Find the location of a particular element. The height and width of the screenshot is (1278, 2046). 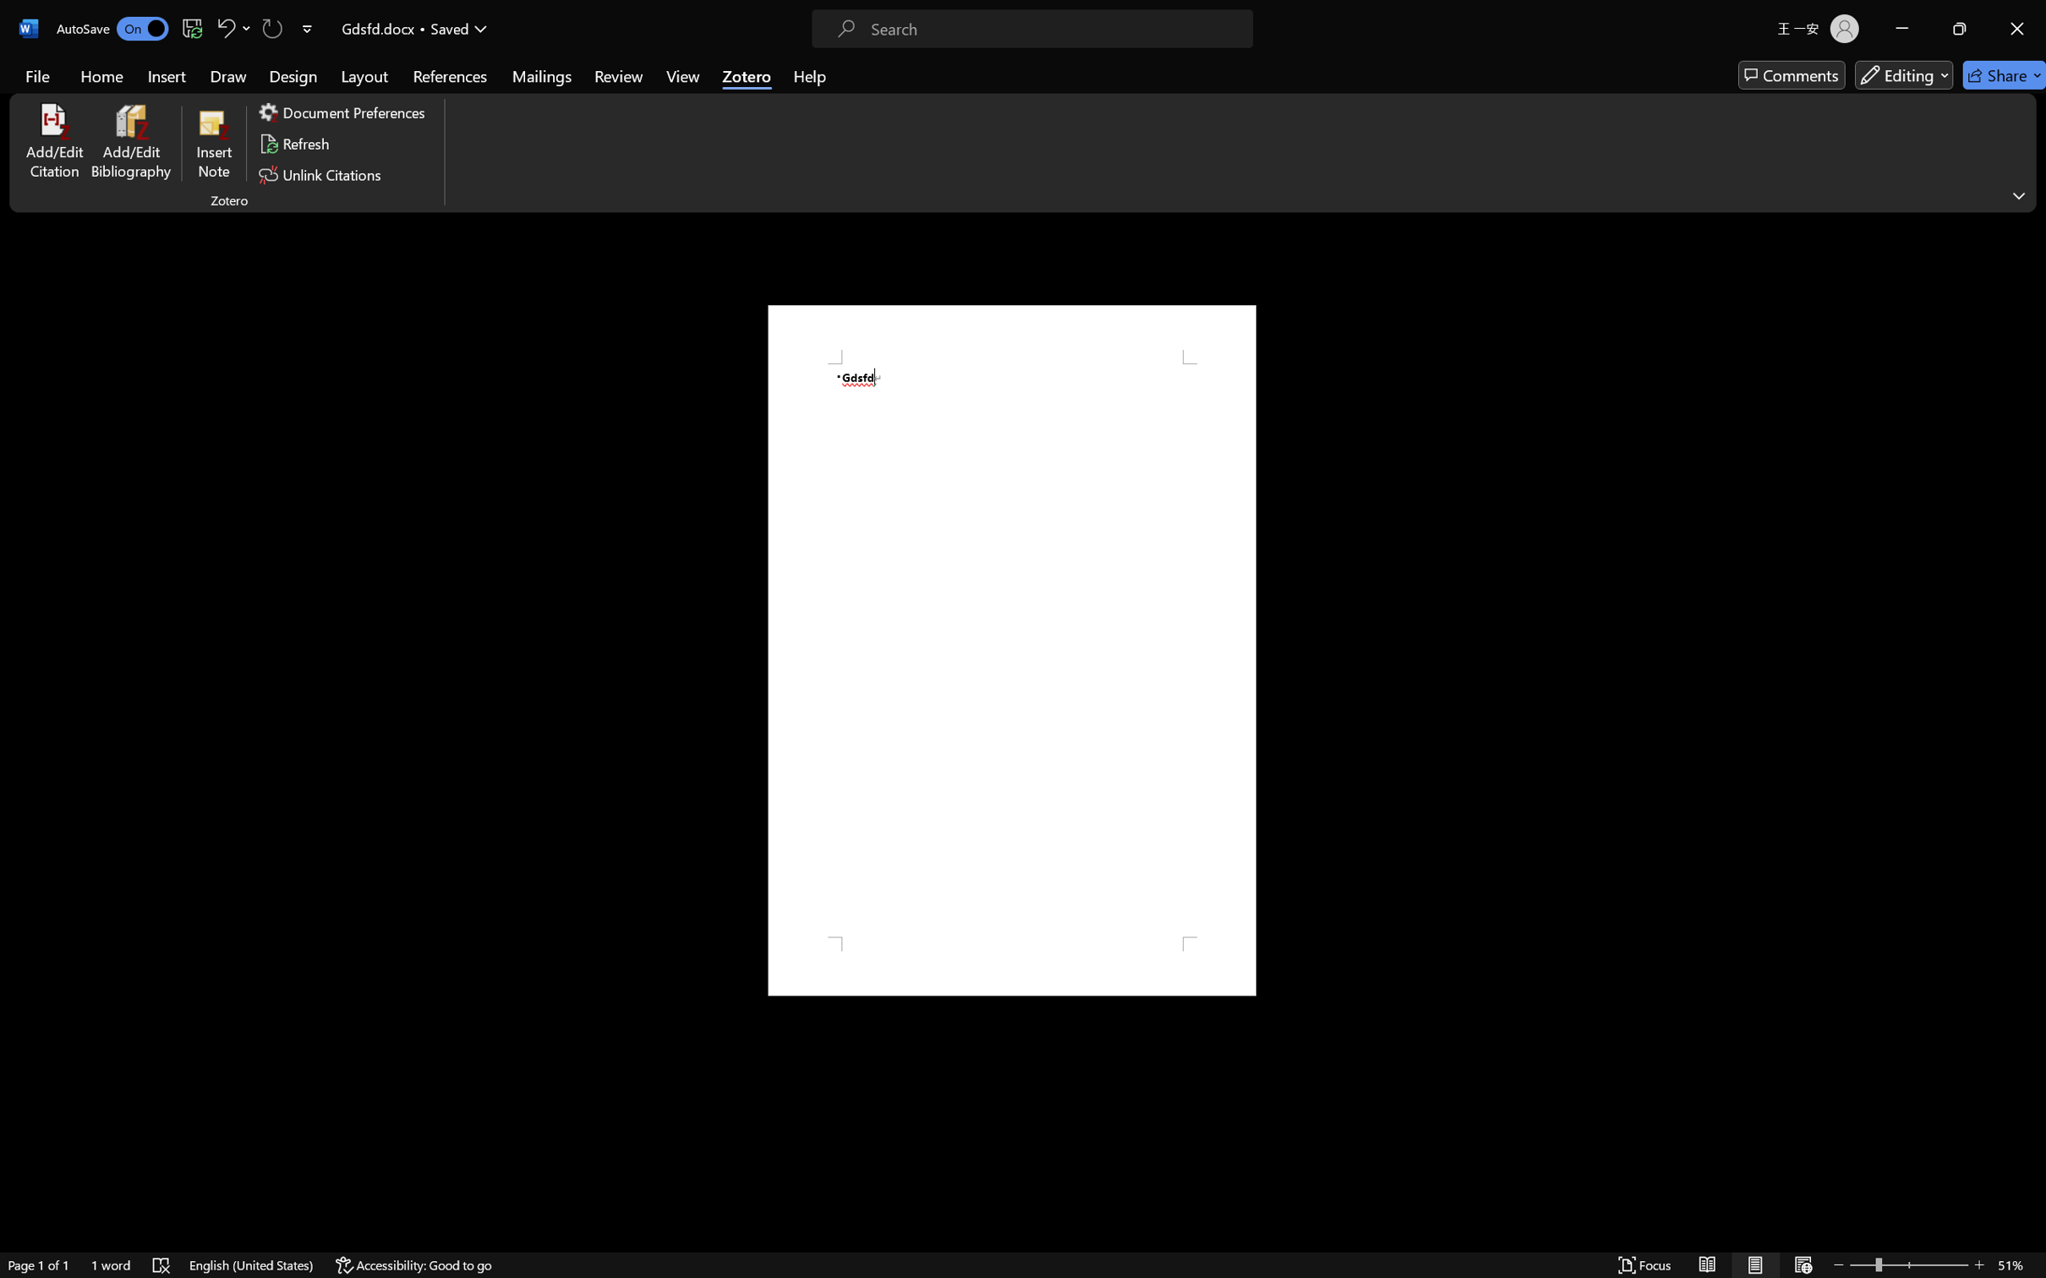

'Page 1 content' is located at coordinates (1011, 650).